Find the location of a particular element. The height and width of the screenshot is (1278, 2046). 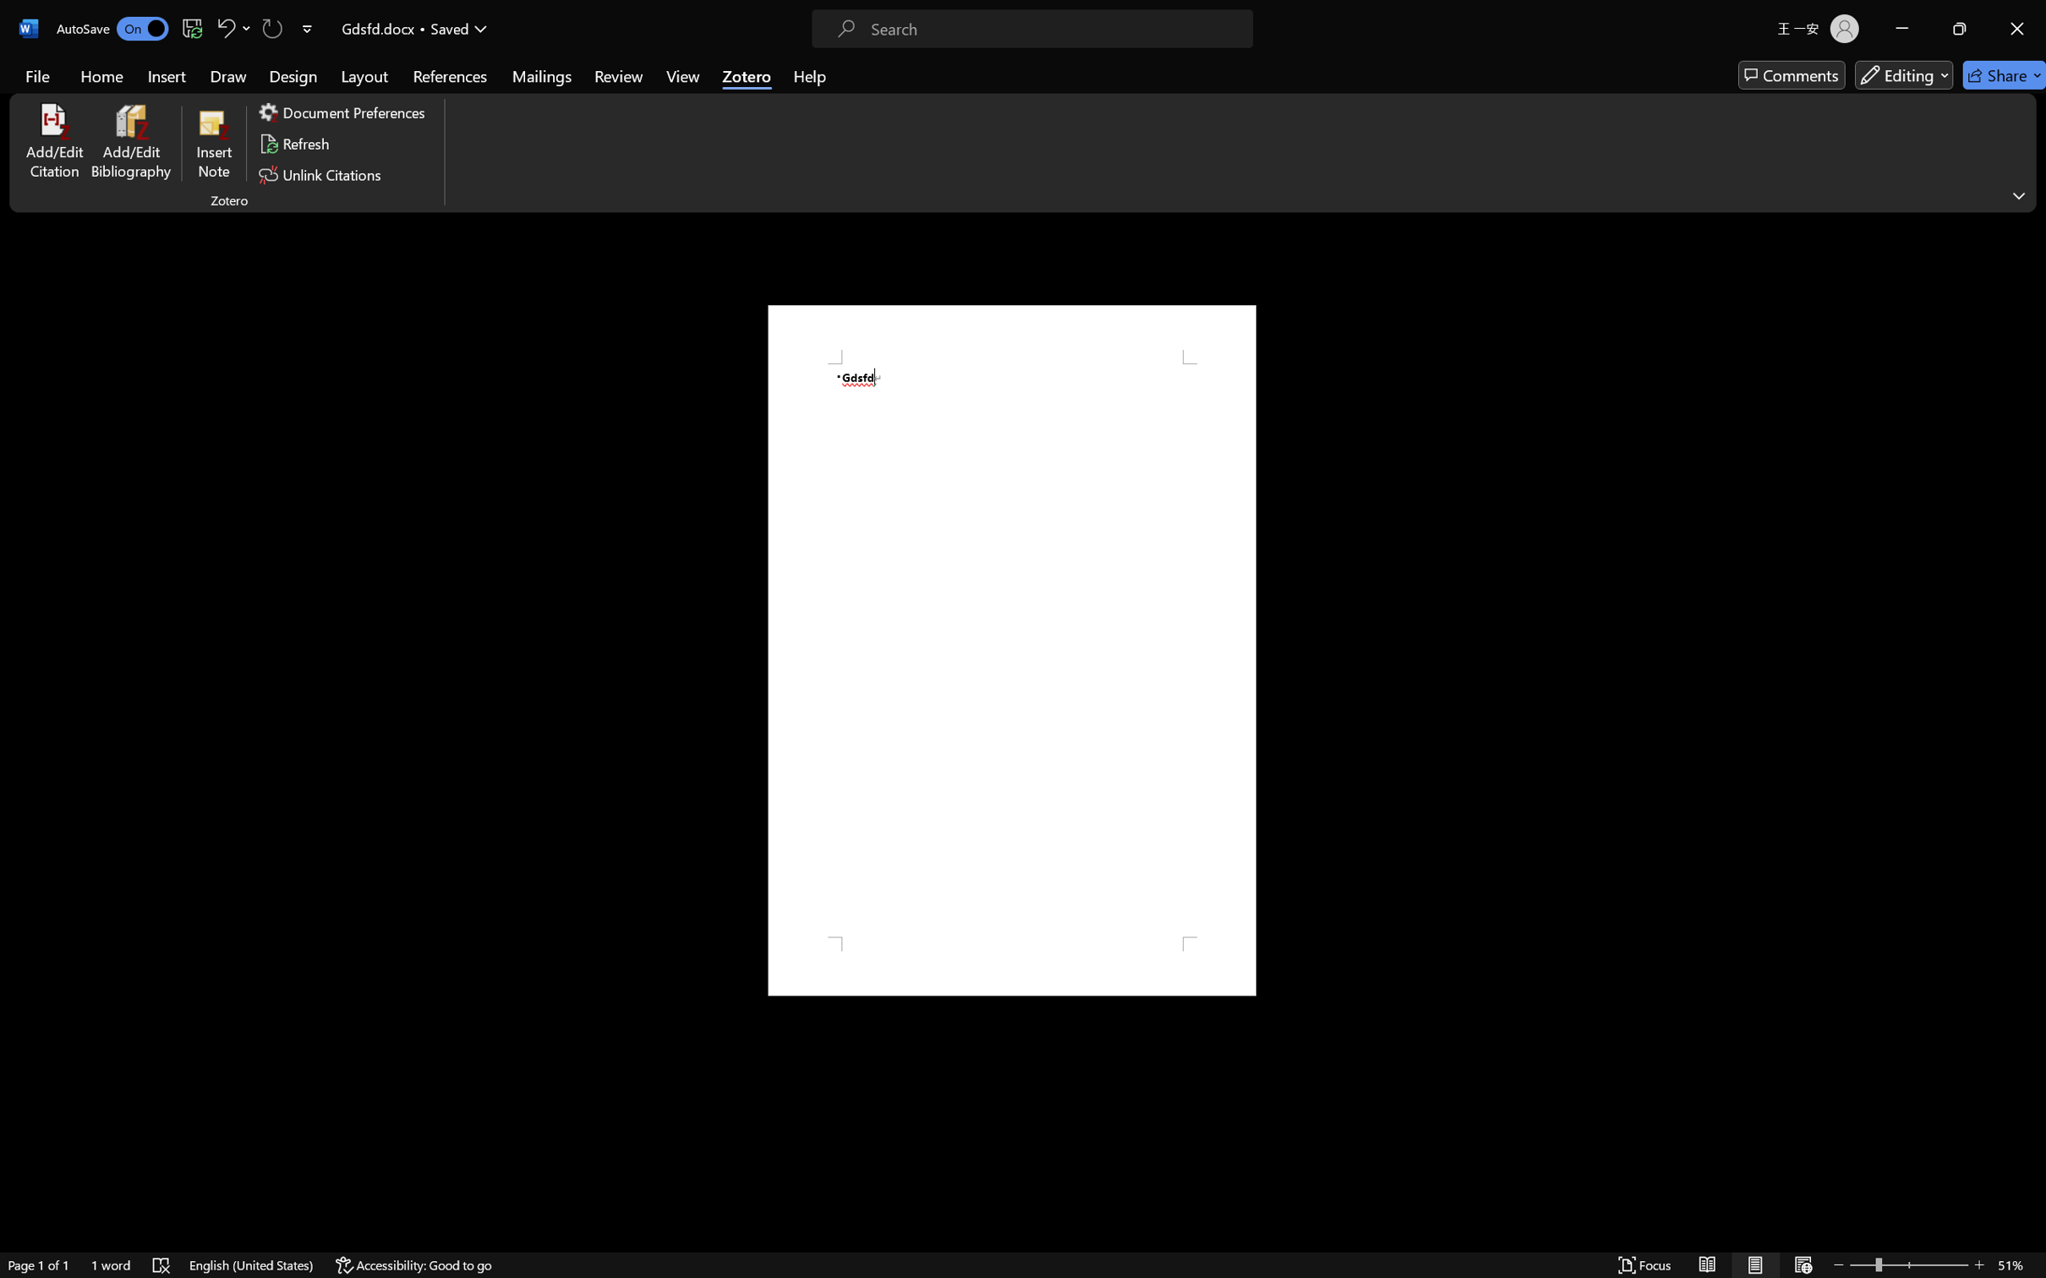

'Page 1 content' is located at coordinates (1011, 650).